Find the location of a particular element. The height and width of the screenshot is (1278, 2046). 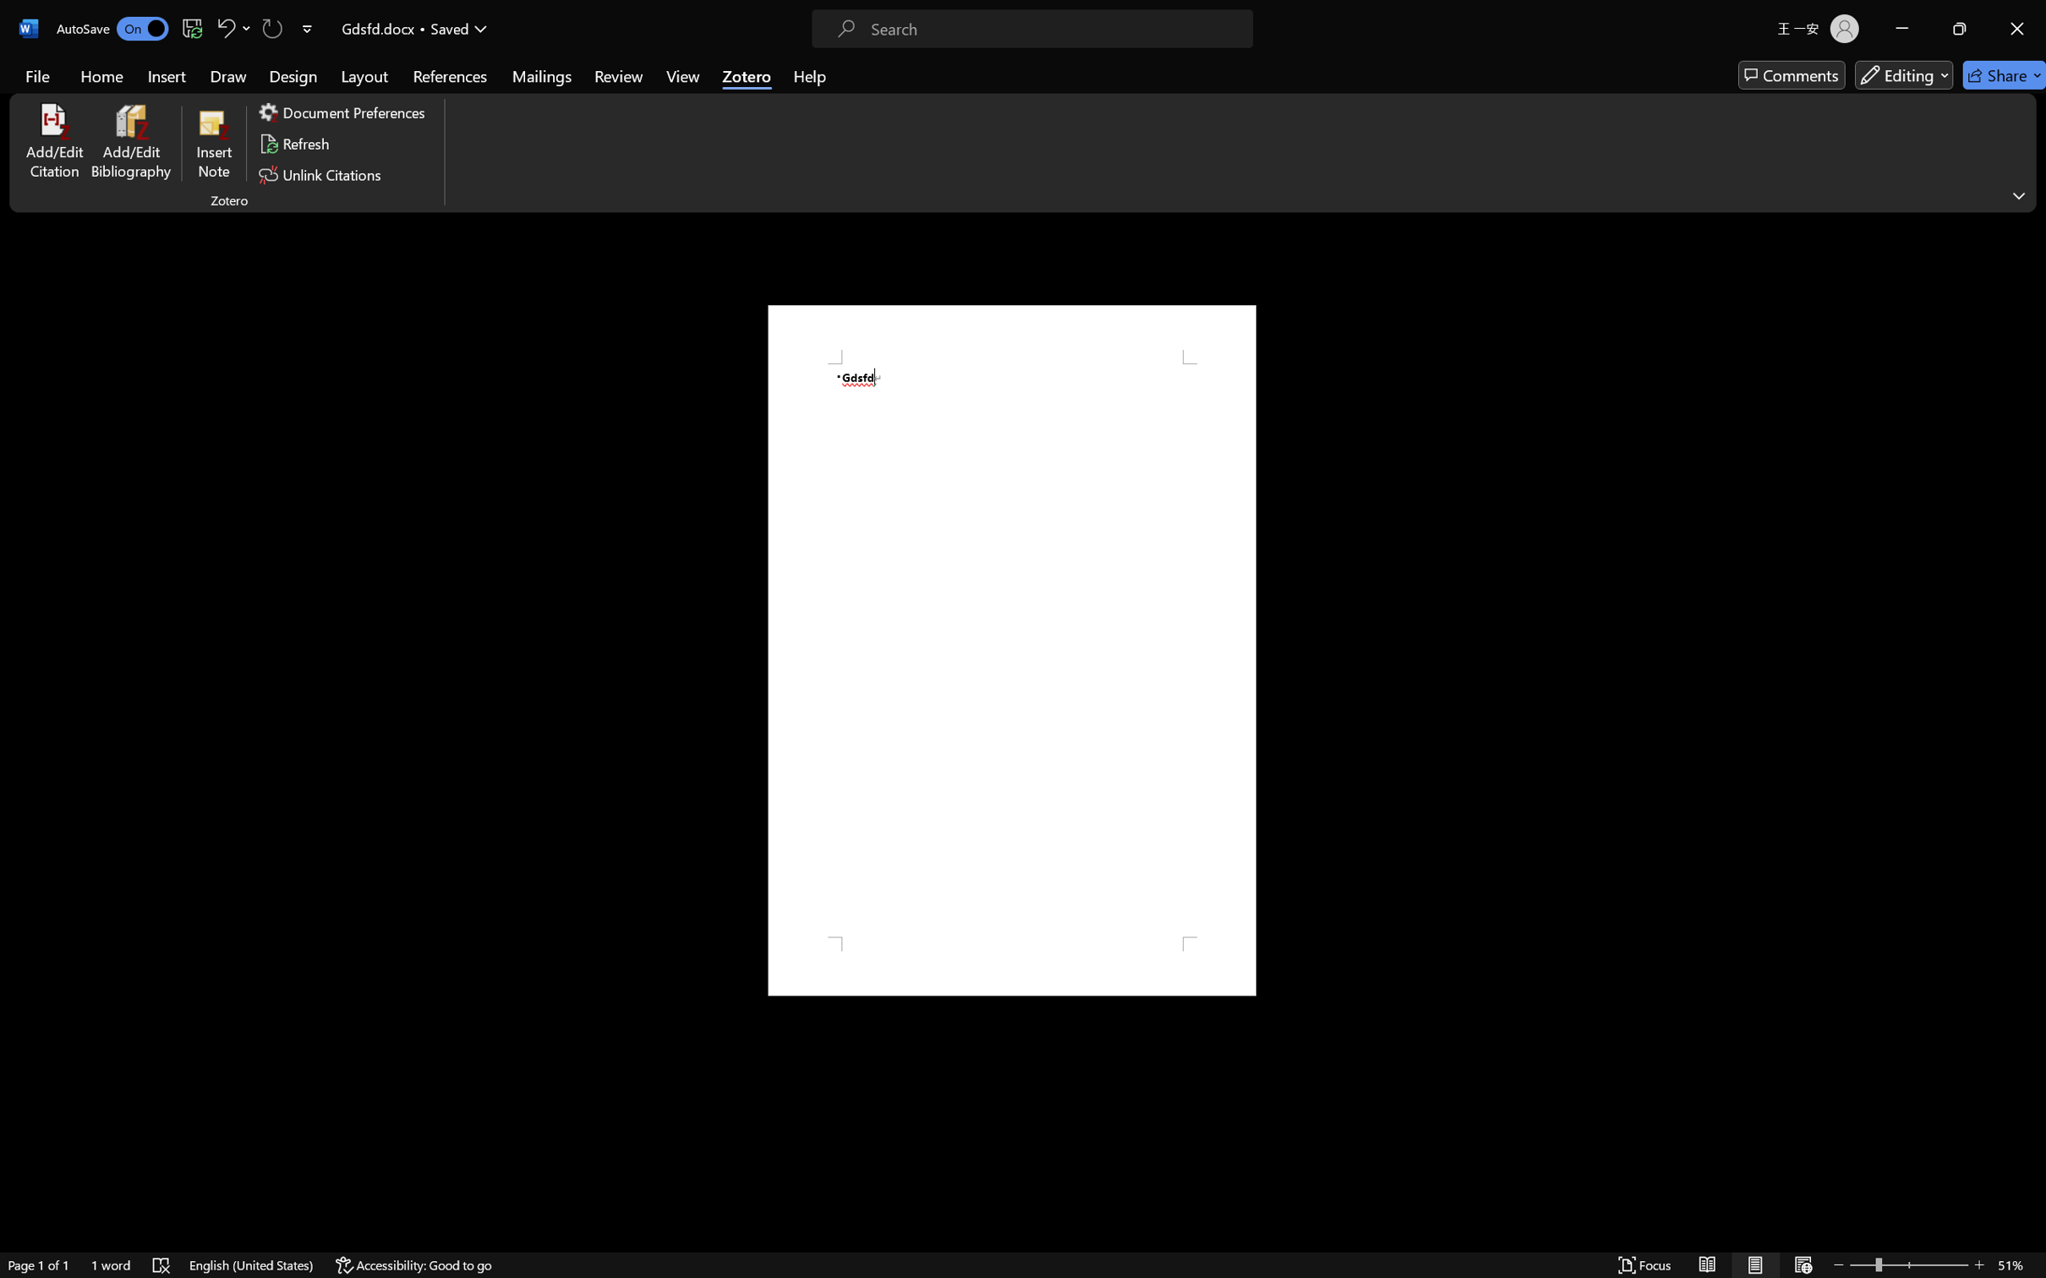

'Page 1 content' is located at coordinates (1011, 650).